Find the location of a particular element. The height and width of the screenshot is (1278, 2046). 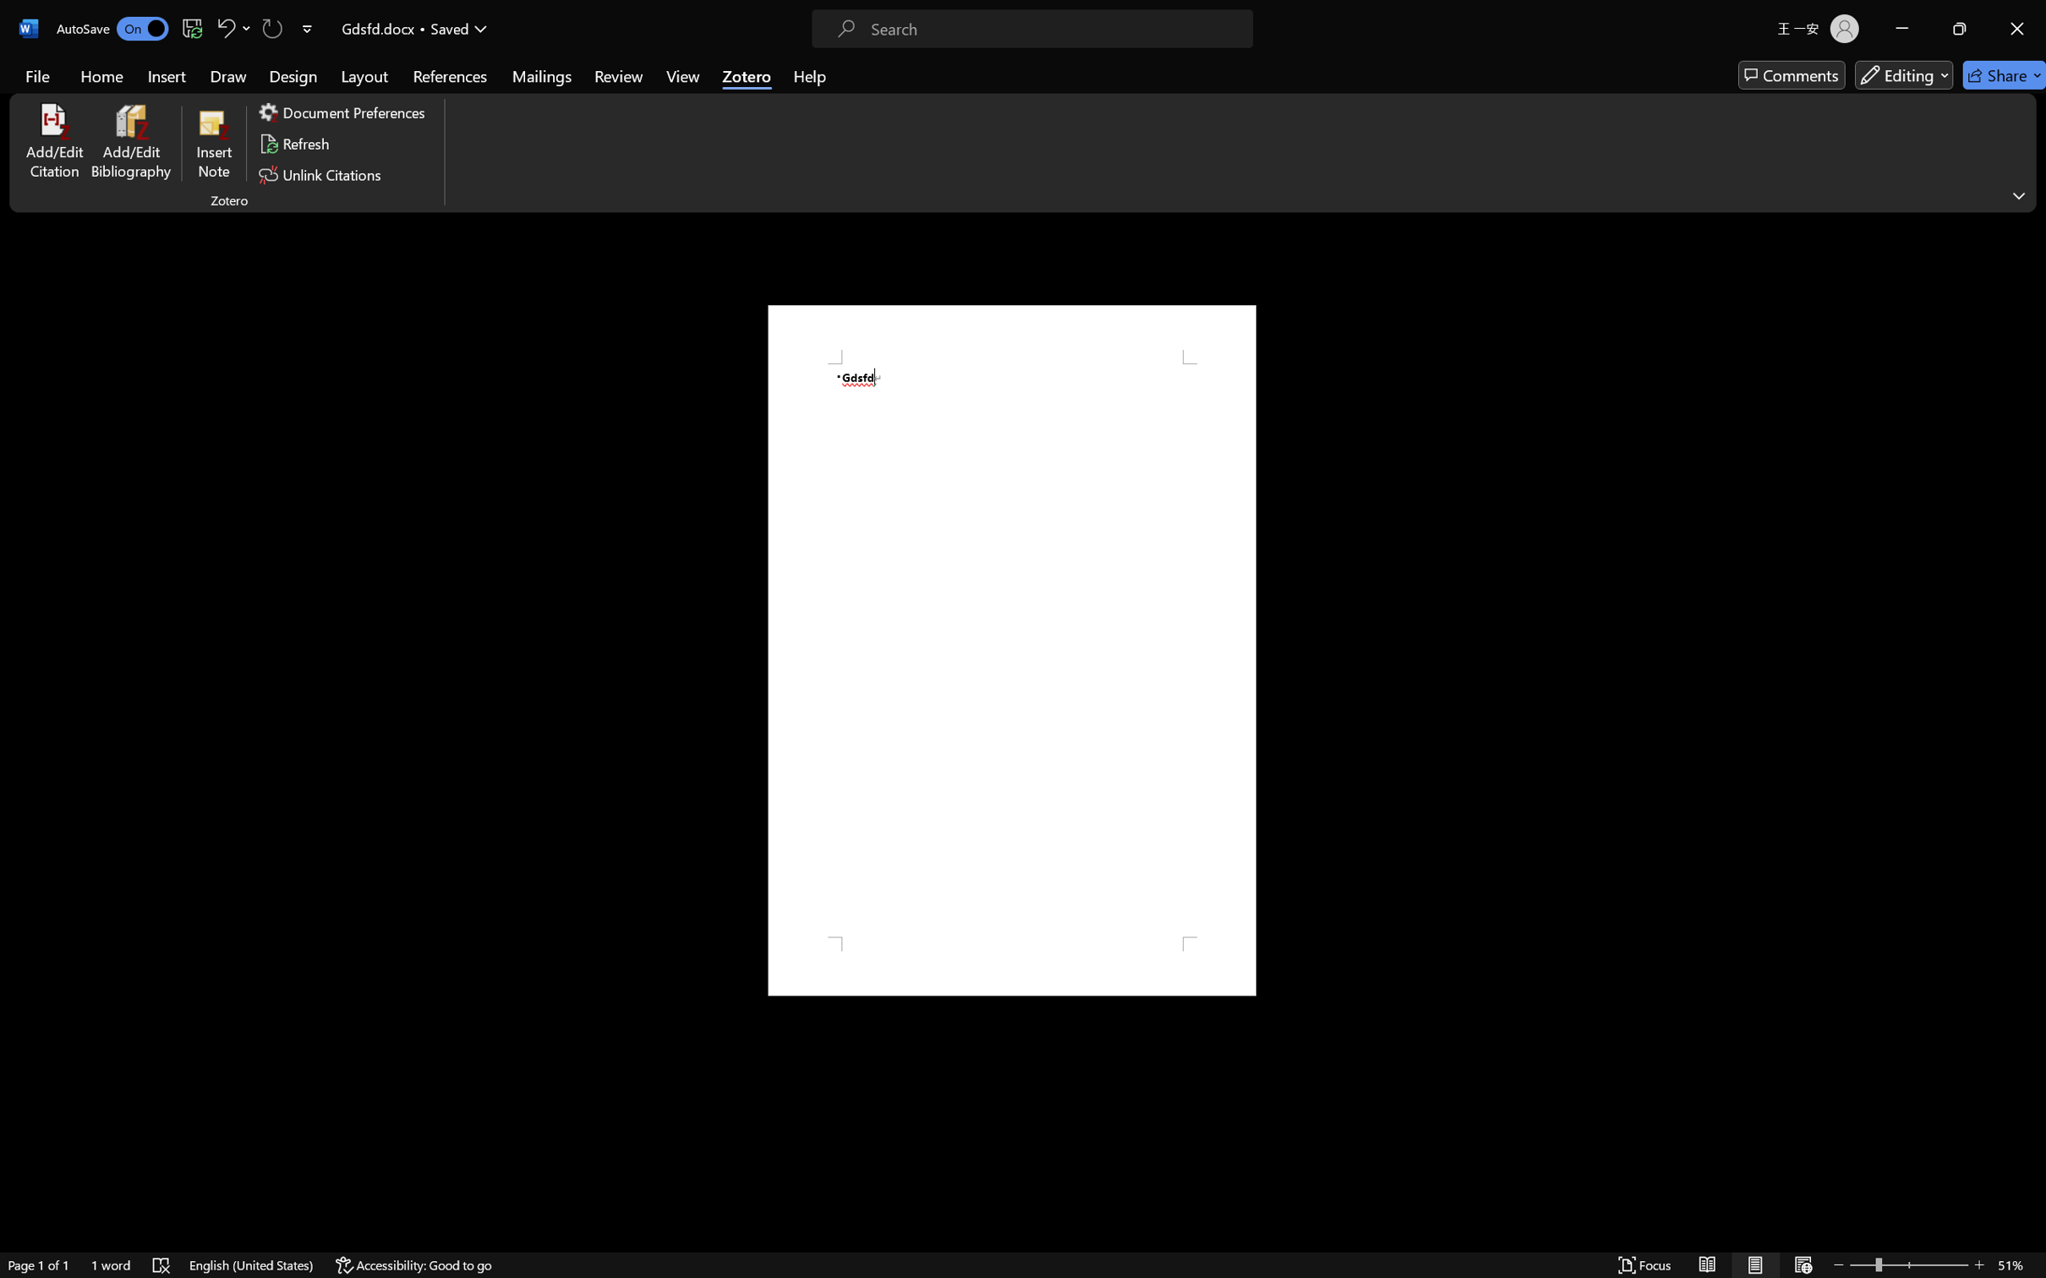

'Page 1 content' is located at coordinates (1011, 650).